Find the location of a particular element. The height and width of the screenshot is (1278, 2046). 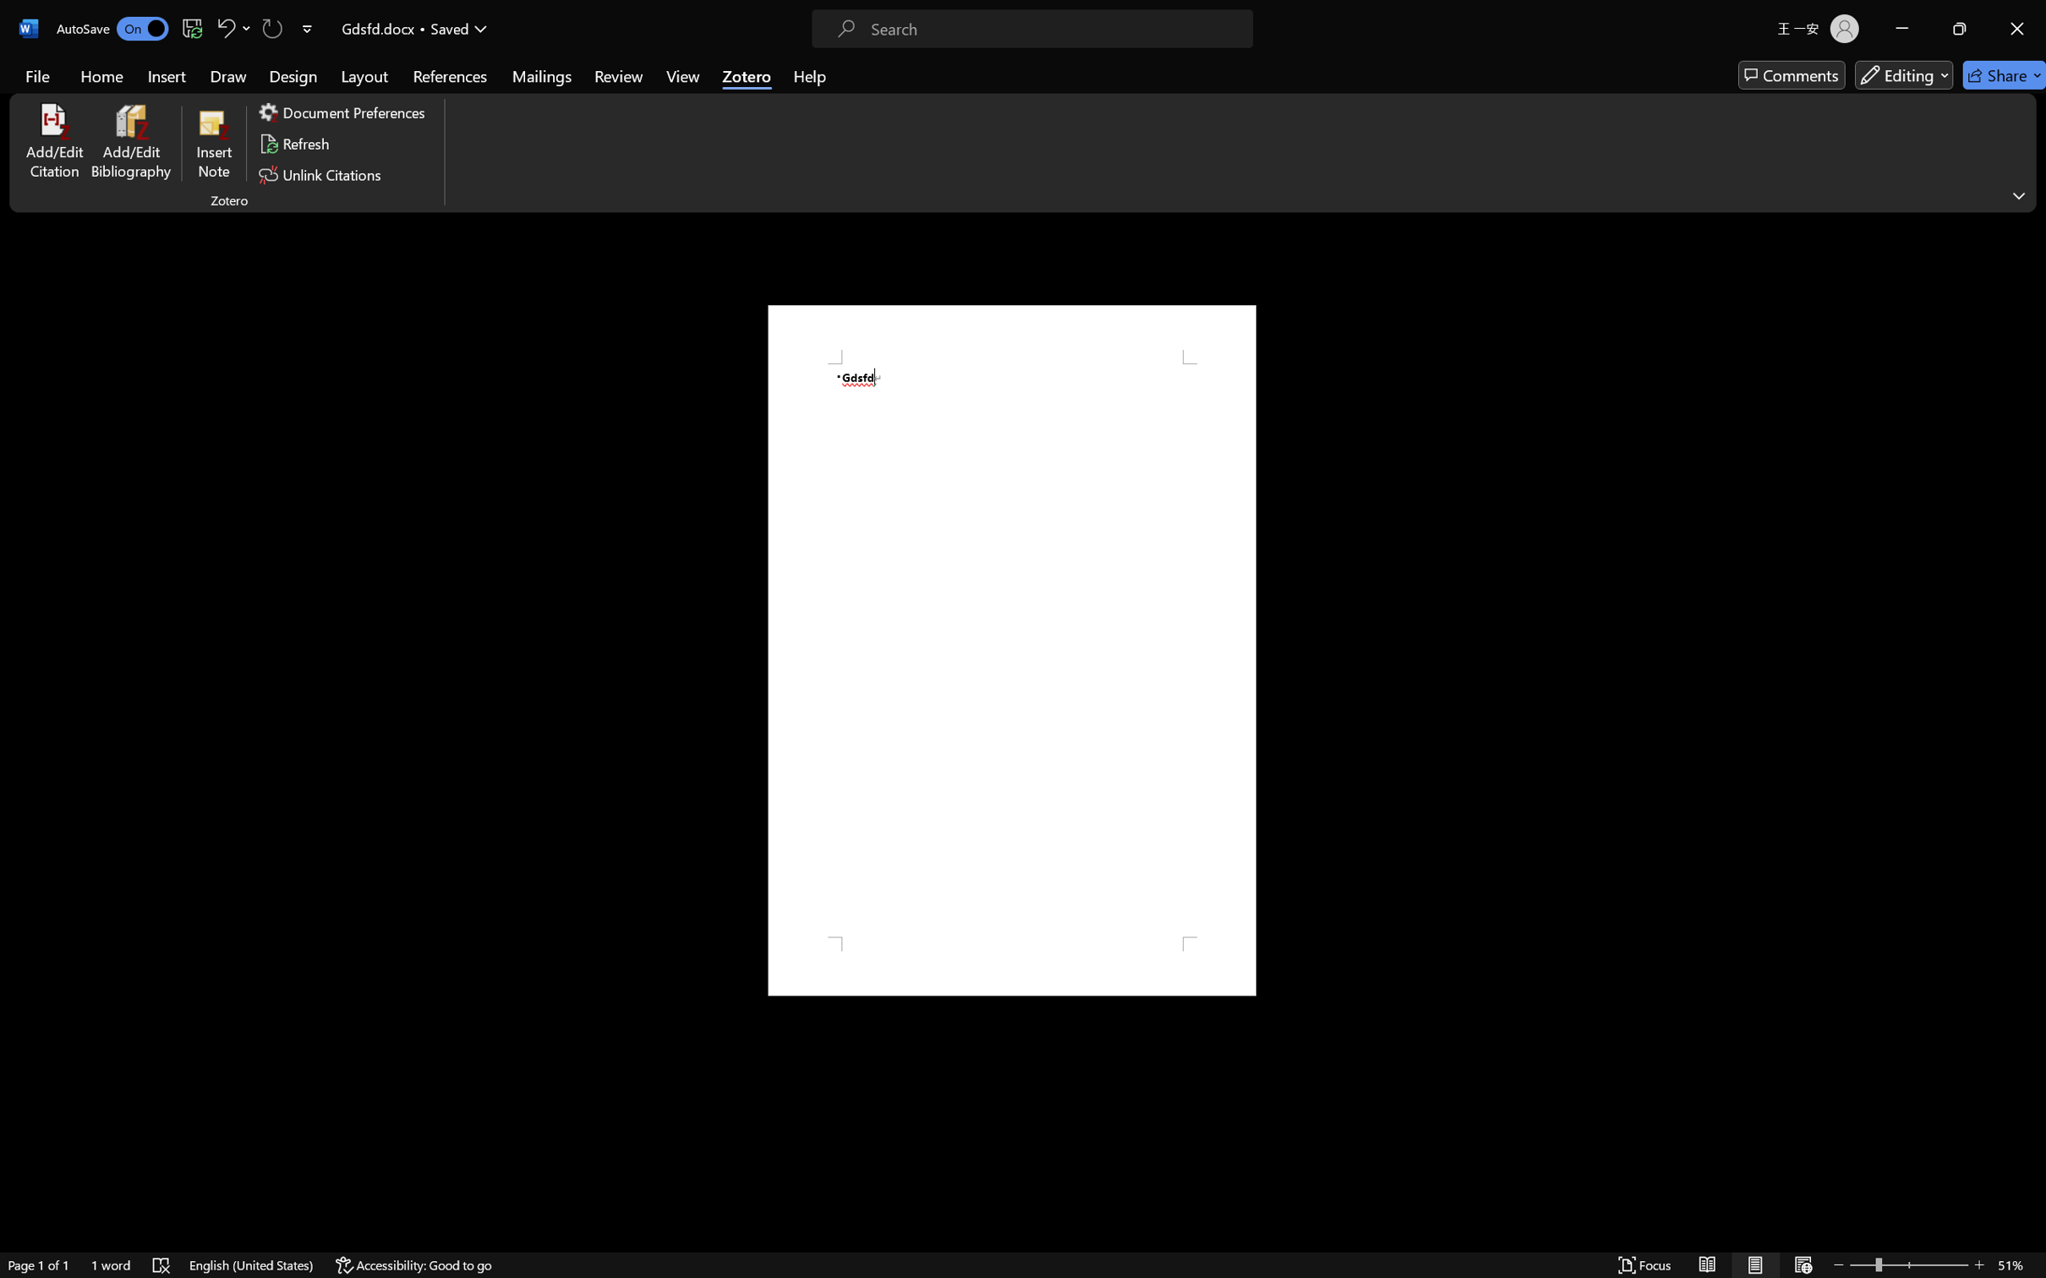

'Page 1 content' is located at coordinates (1011, 650).